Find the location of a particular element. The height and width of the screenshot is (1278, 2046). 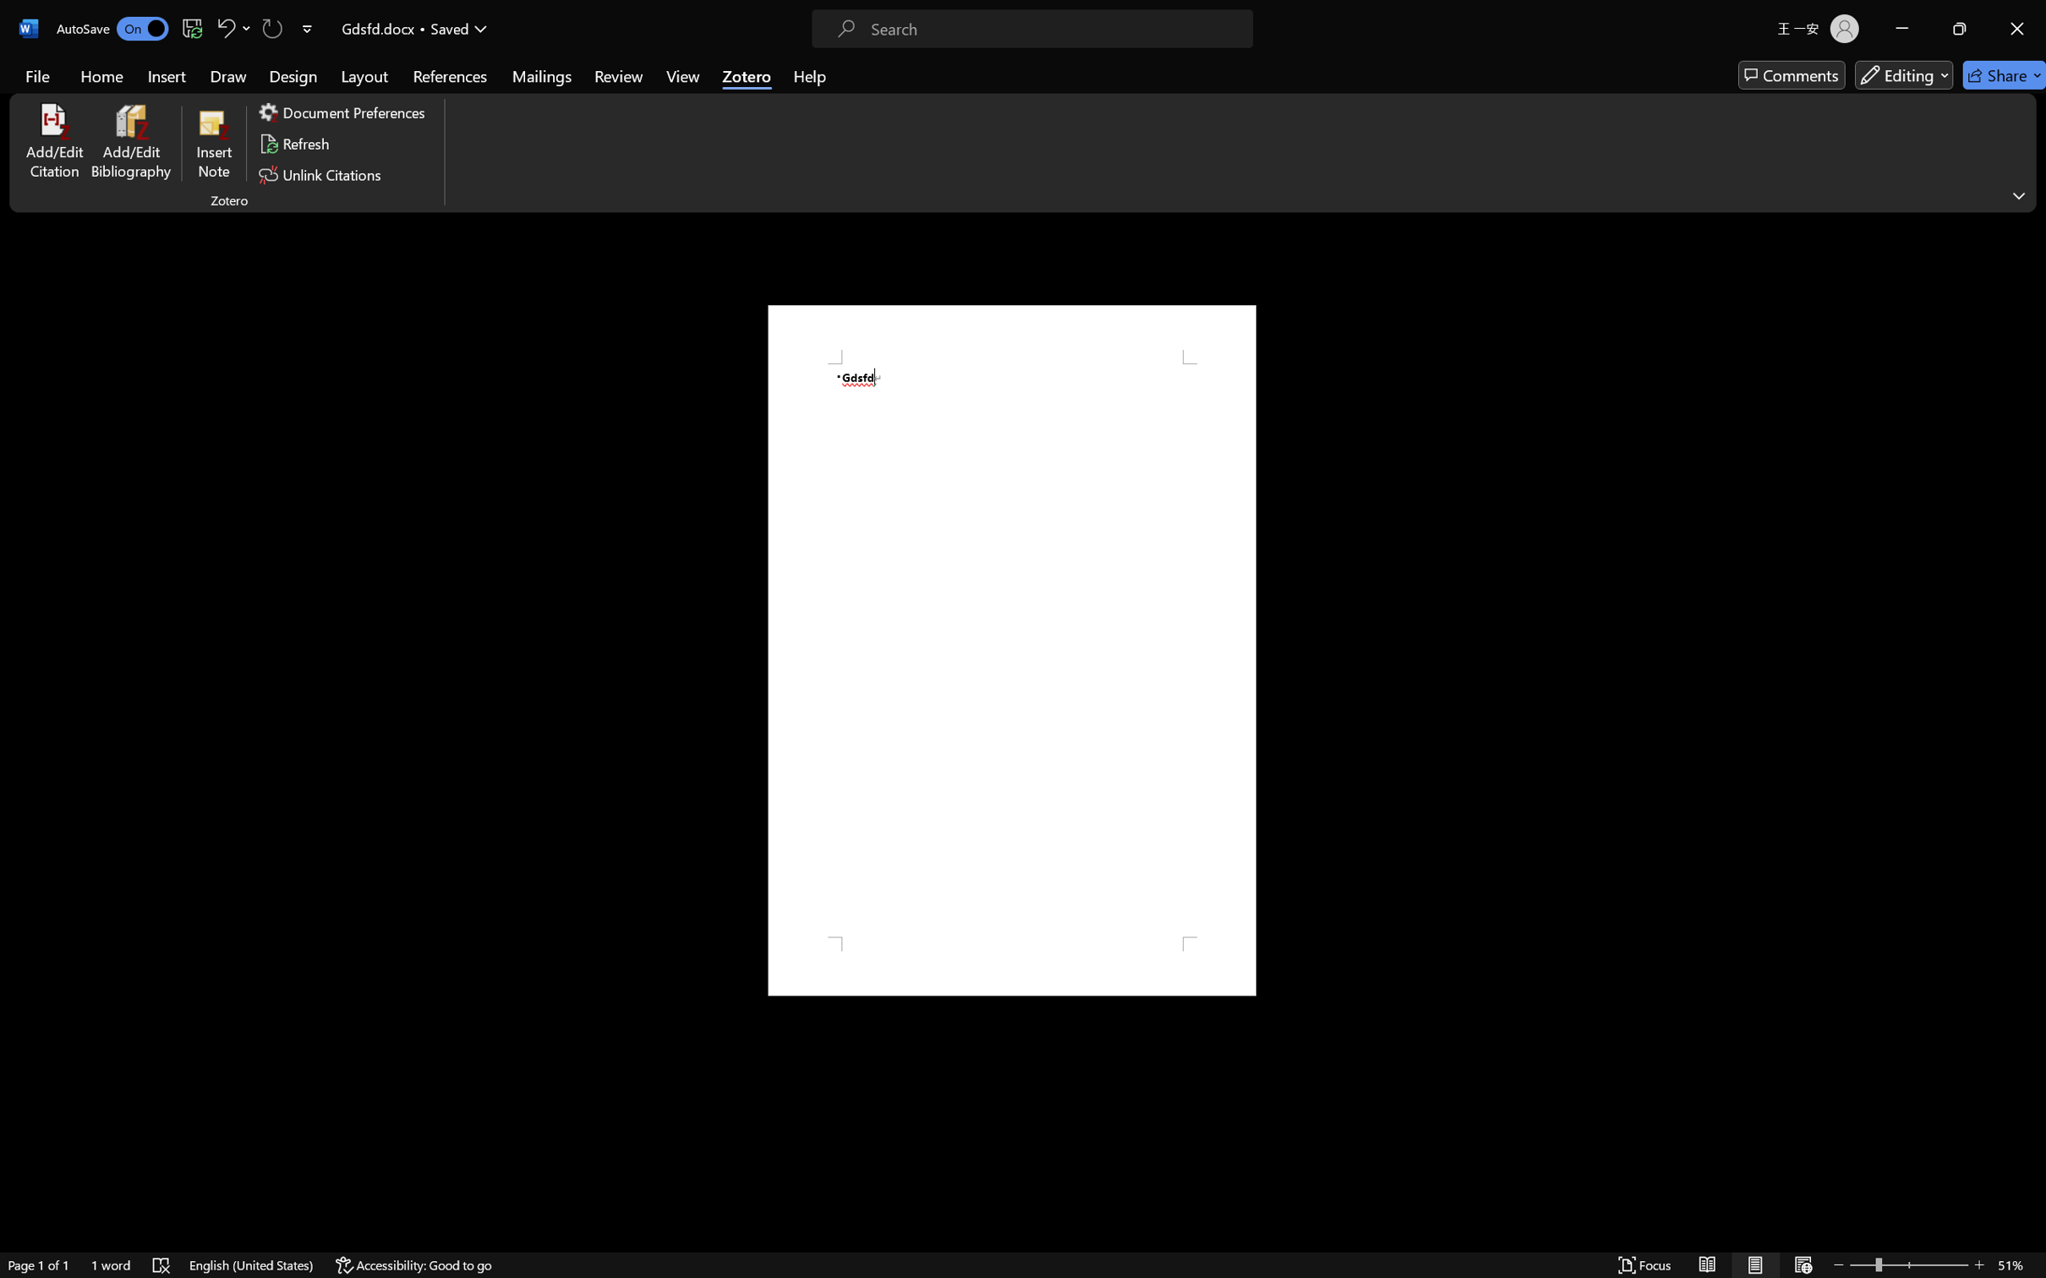

'Page 1 content' is located at coordinates (1011, 650).